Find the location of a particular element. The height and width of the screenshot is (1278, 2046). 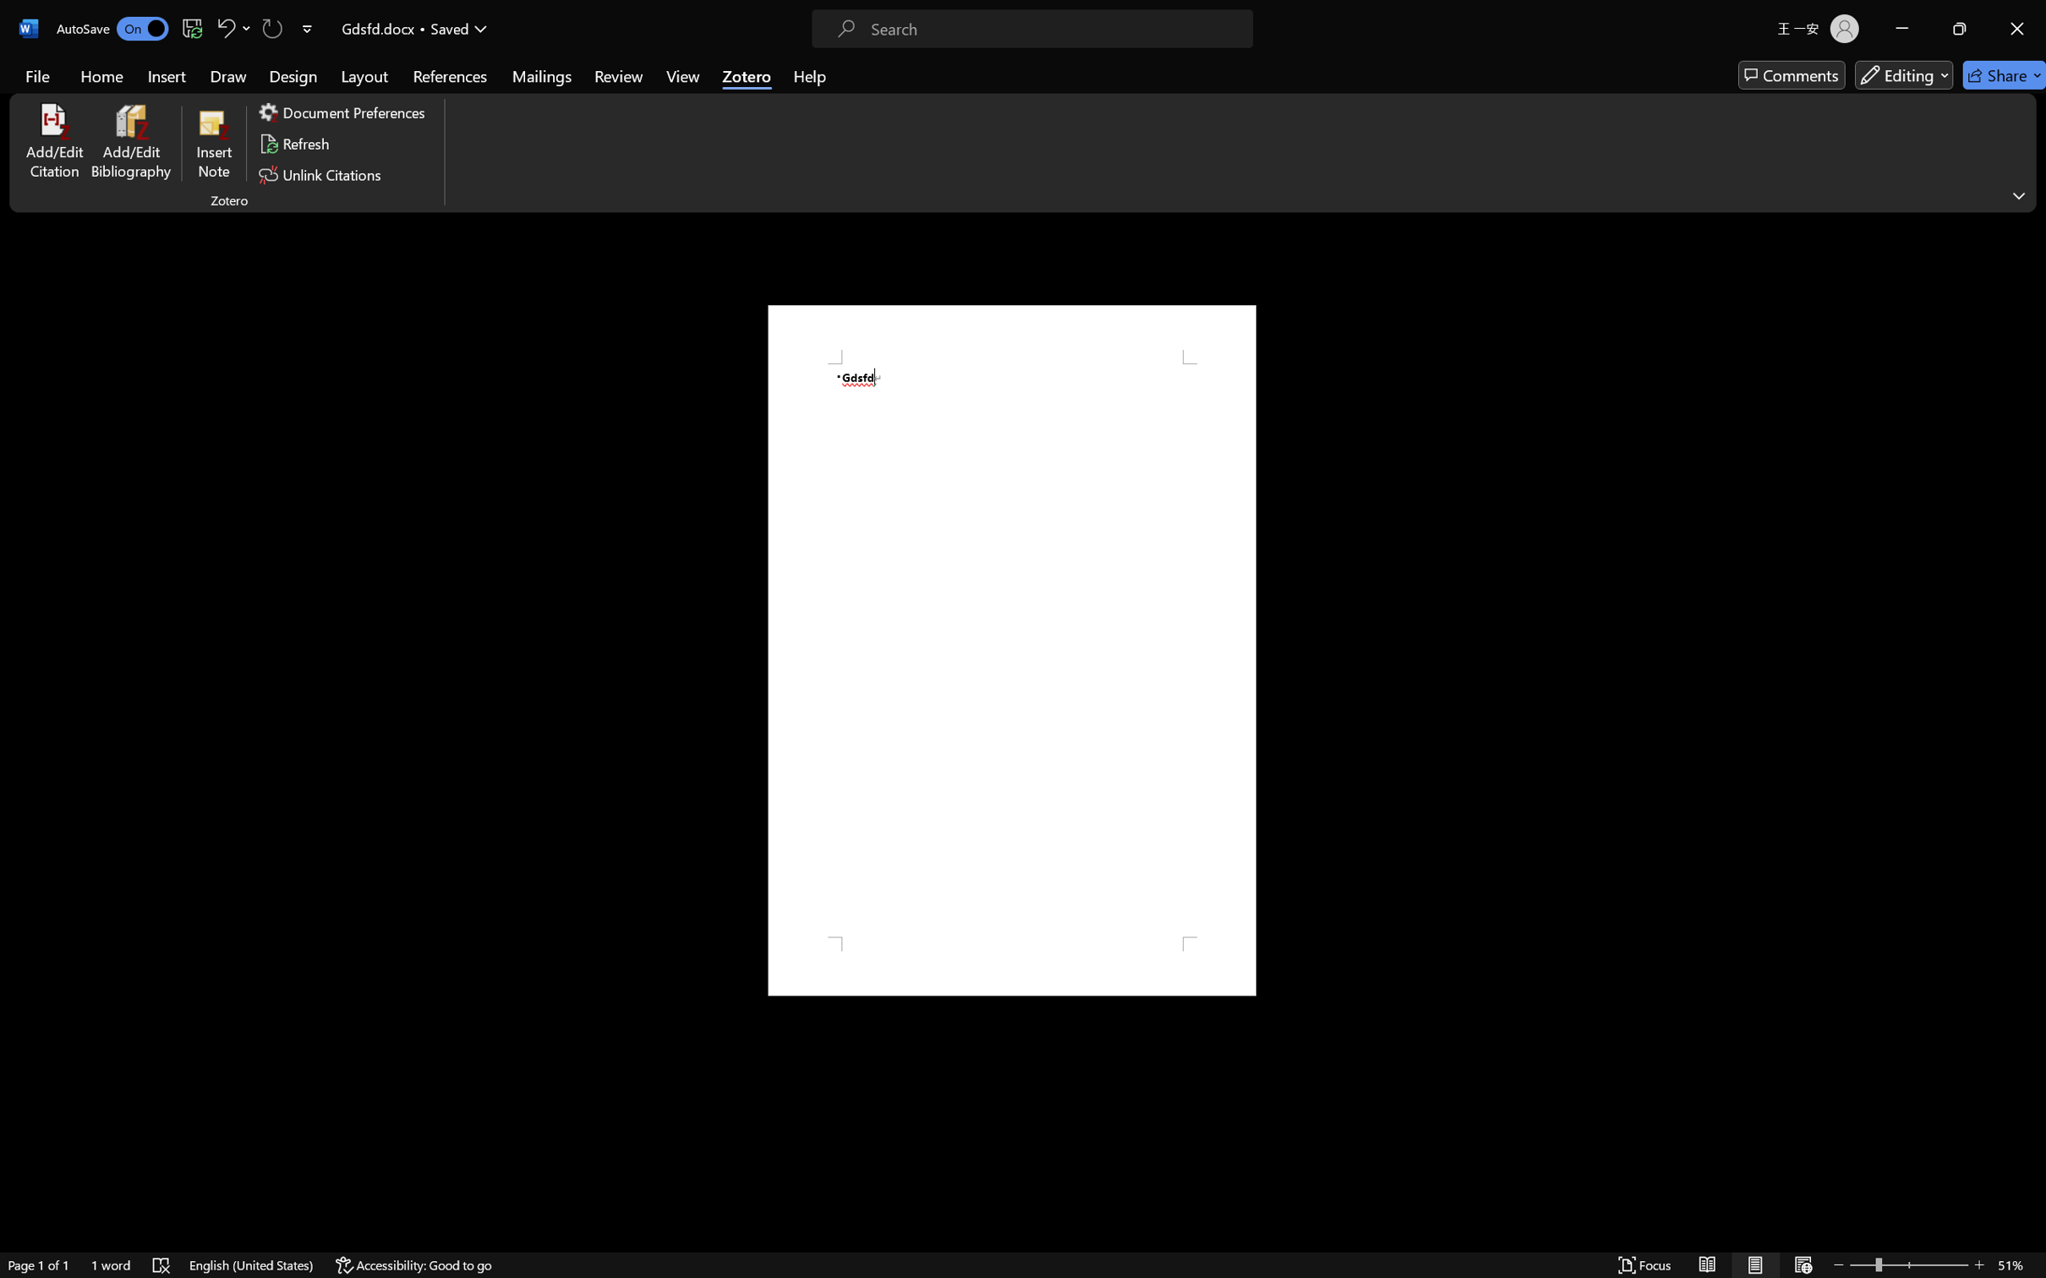

'Page 1 content' is located at coordinates (1011, 650).